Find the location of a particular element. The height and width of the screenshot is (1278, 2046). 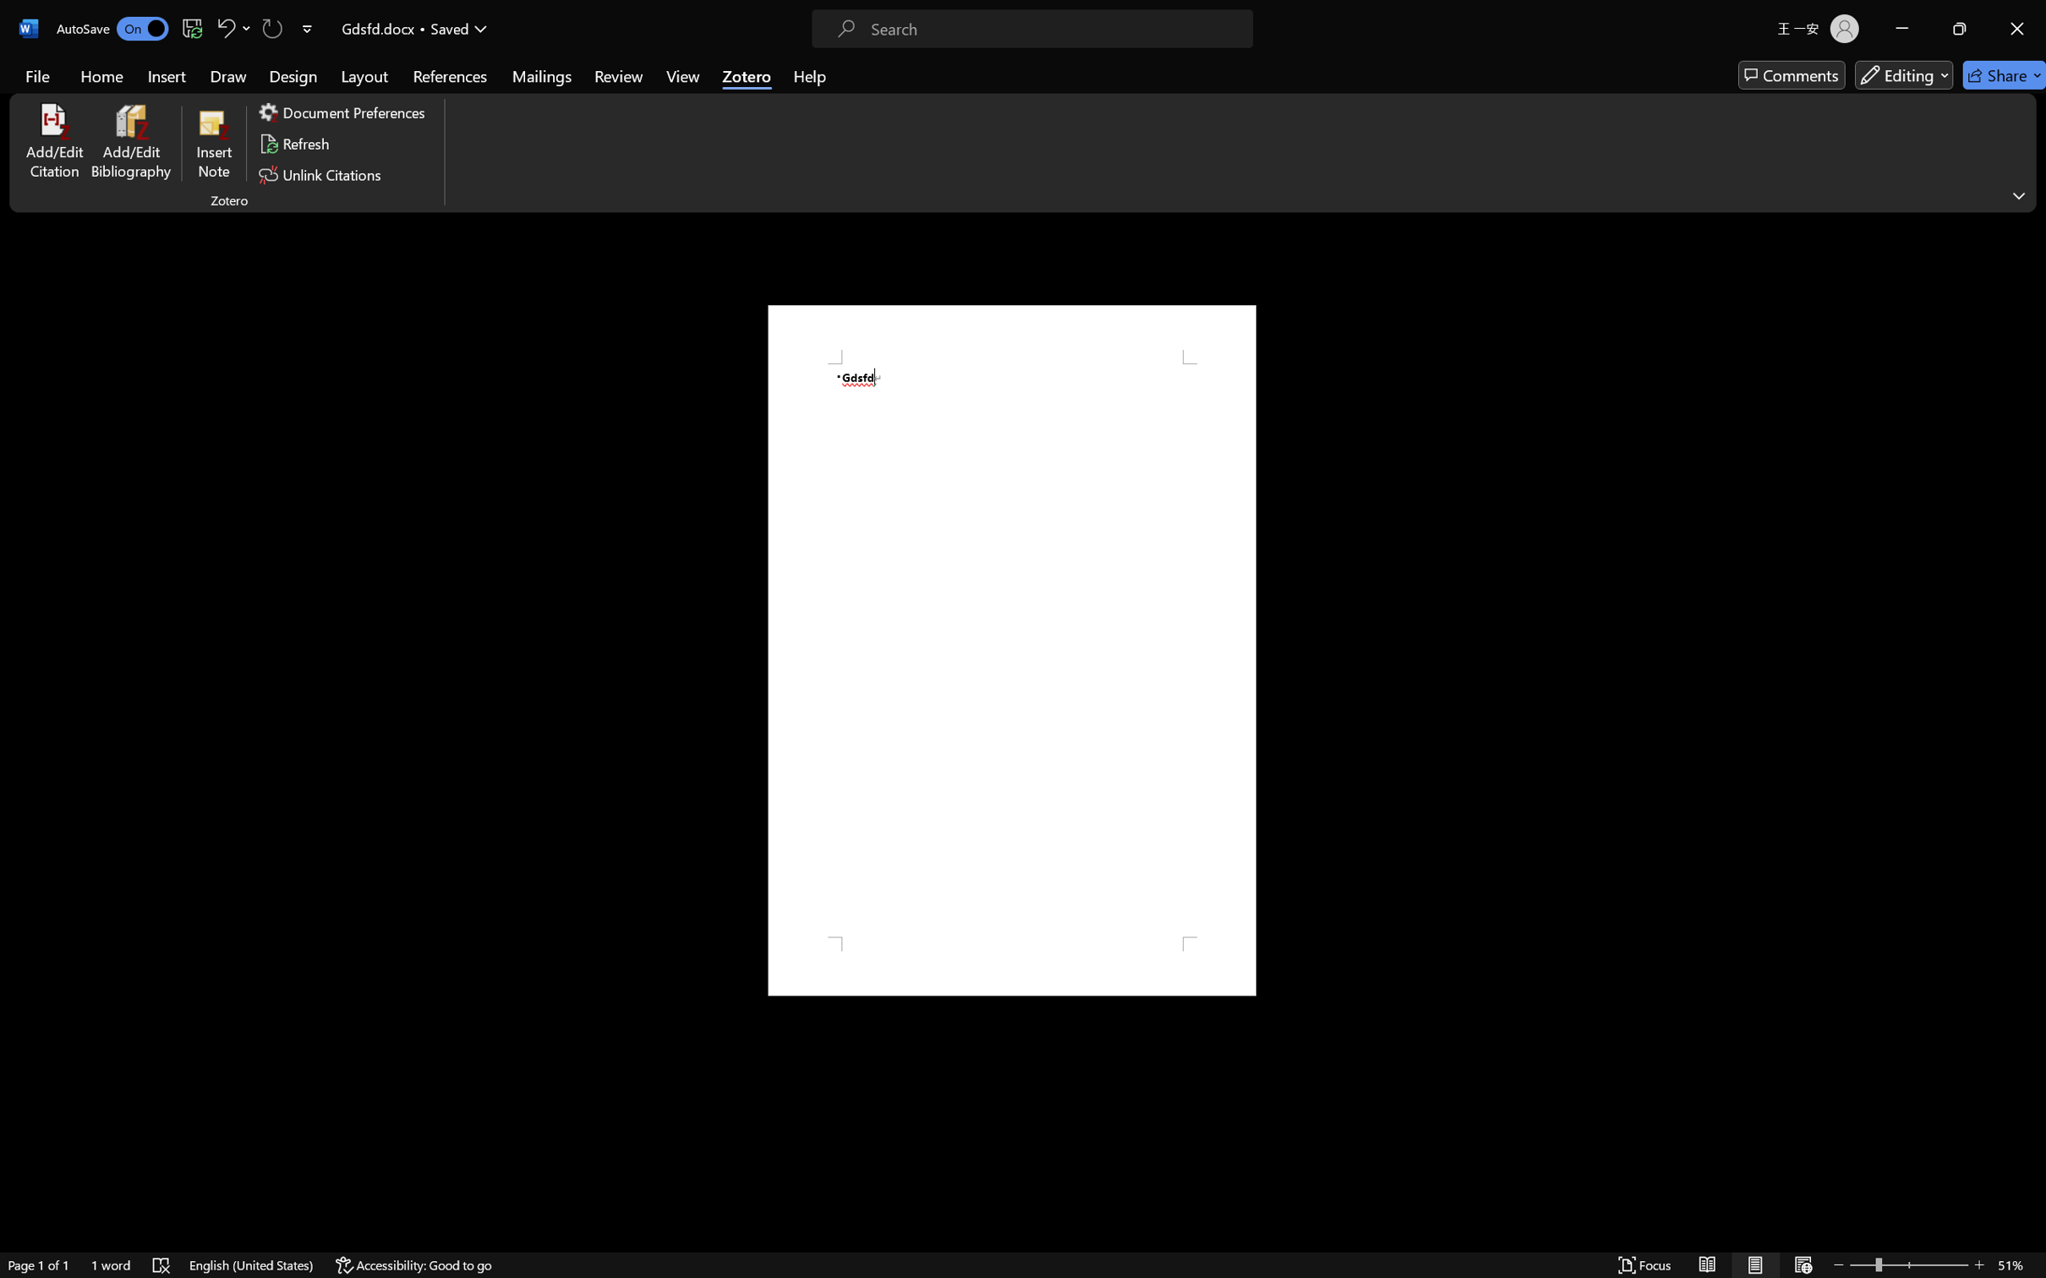

'Page 1 content' is located at coordinates (1011, 650).